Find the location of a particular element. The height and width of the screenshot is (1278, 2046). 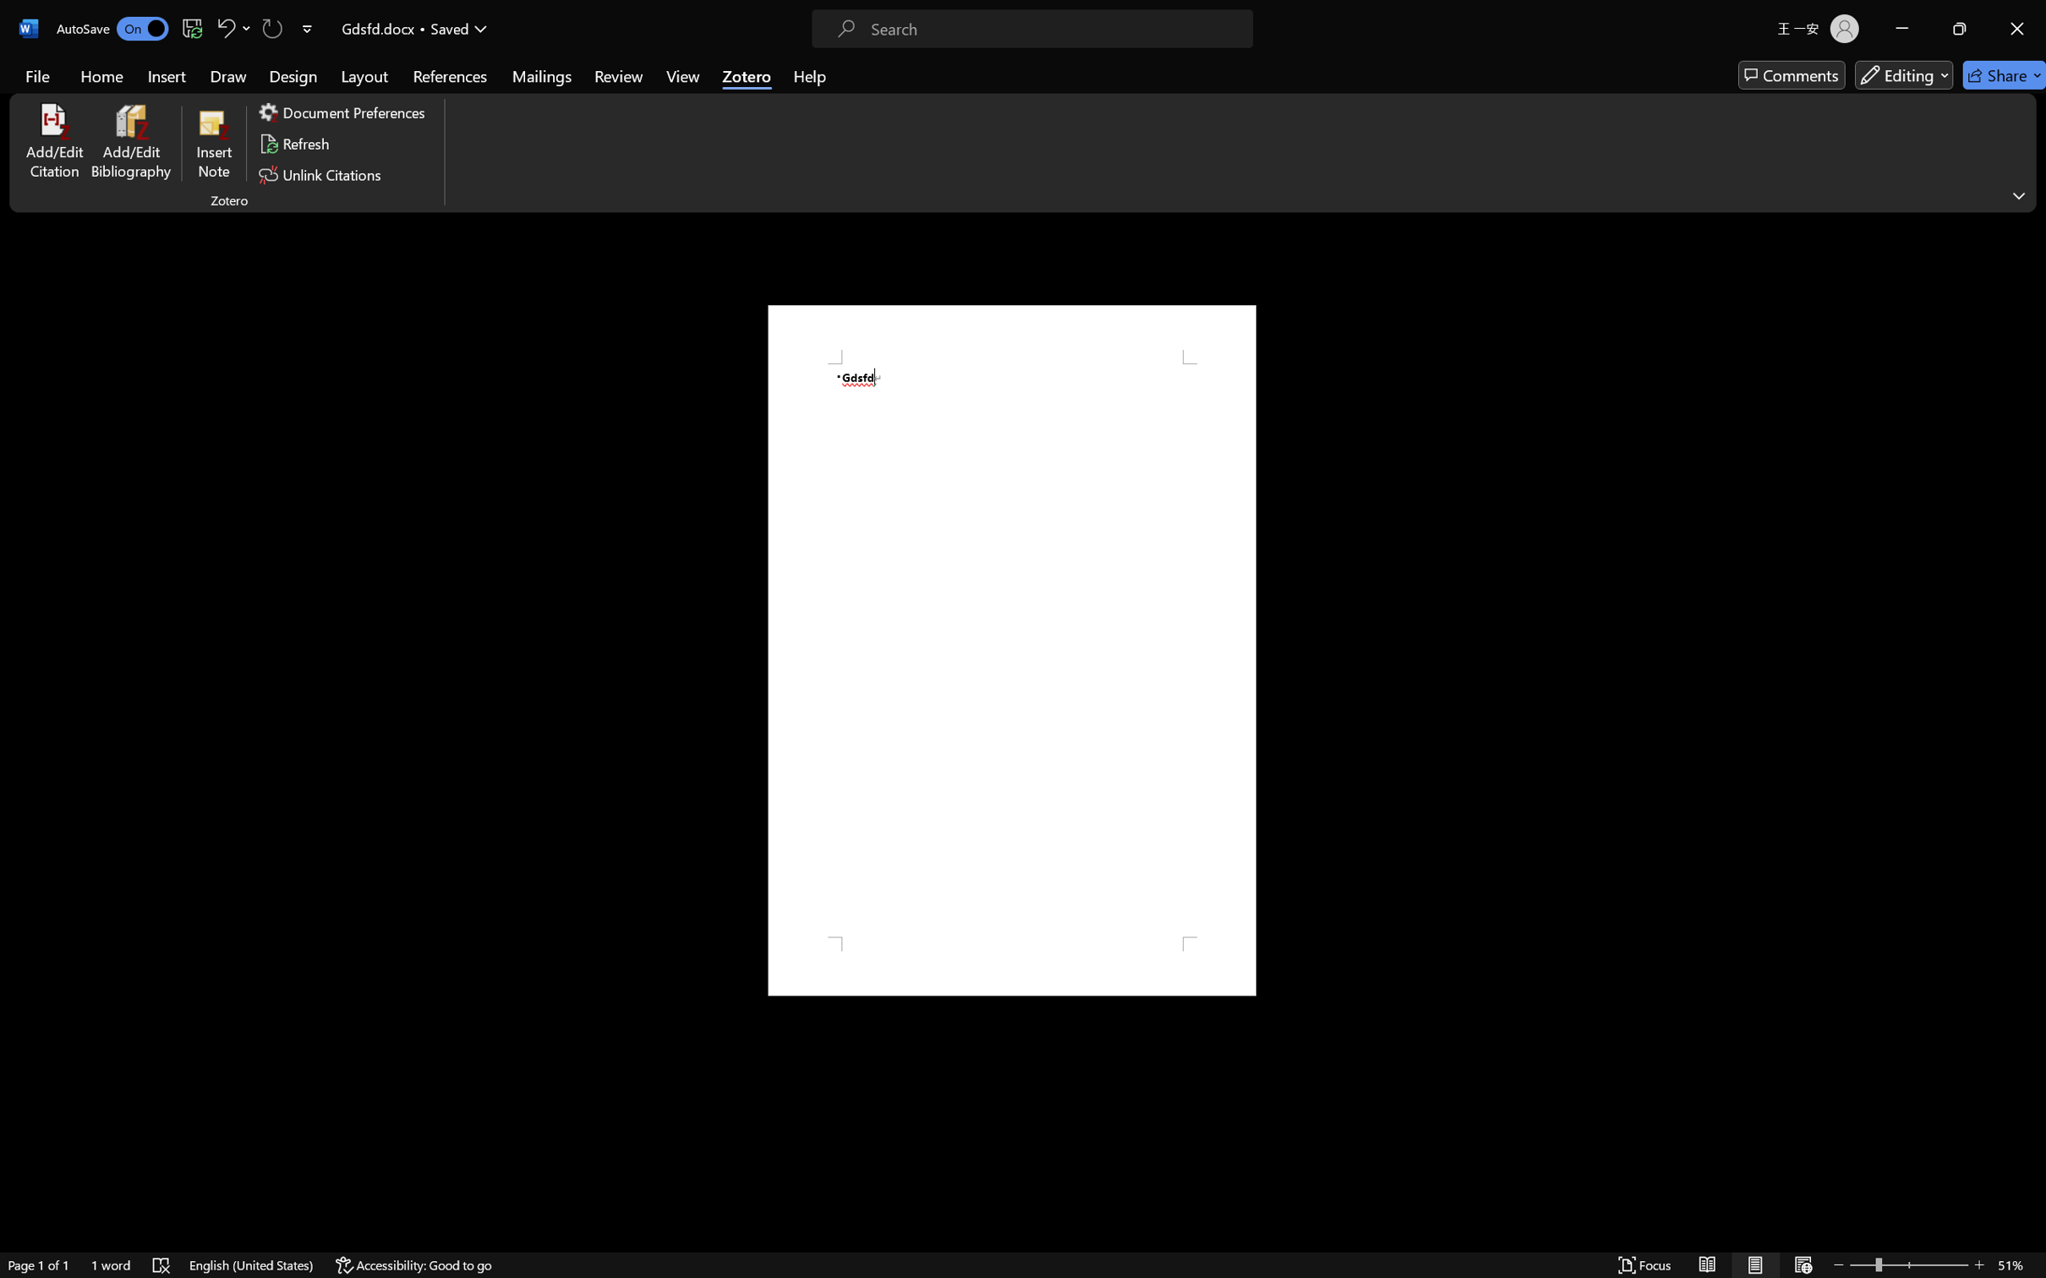

'Page 1 content' is located at coordinates (1011, 650).